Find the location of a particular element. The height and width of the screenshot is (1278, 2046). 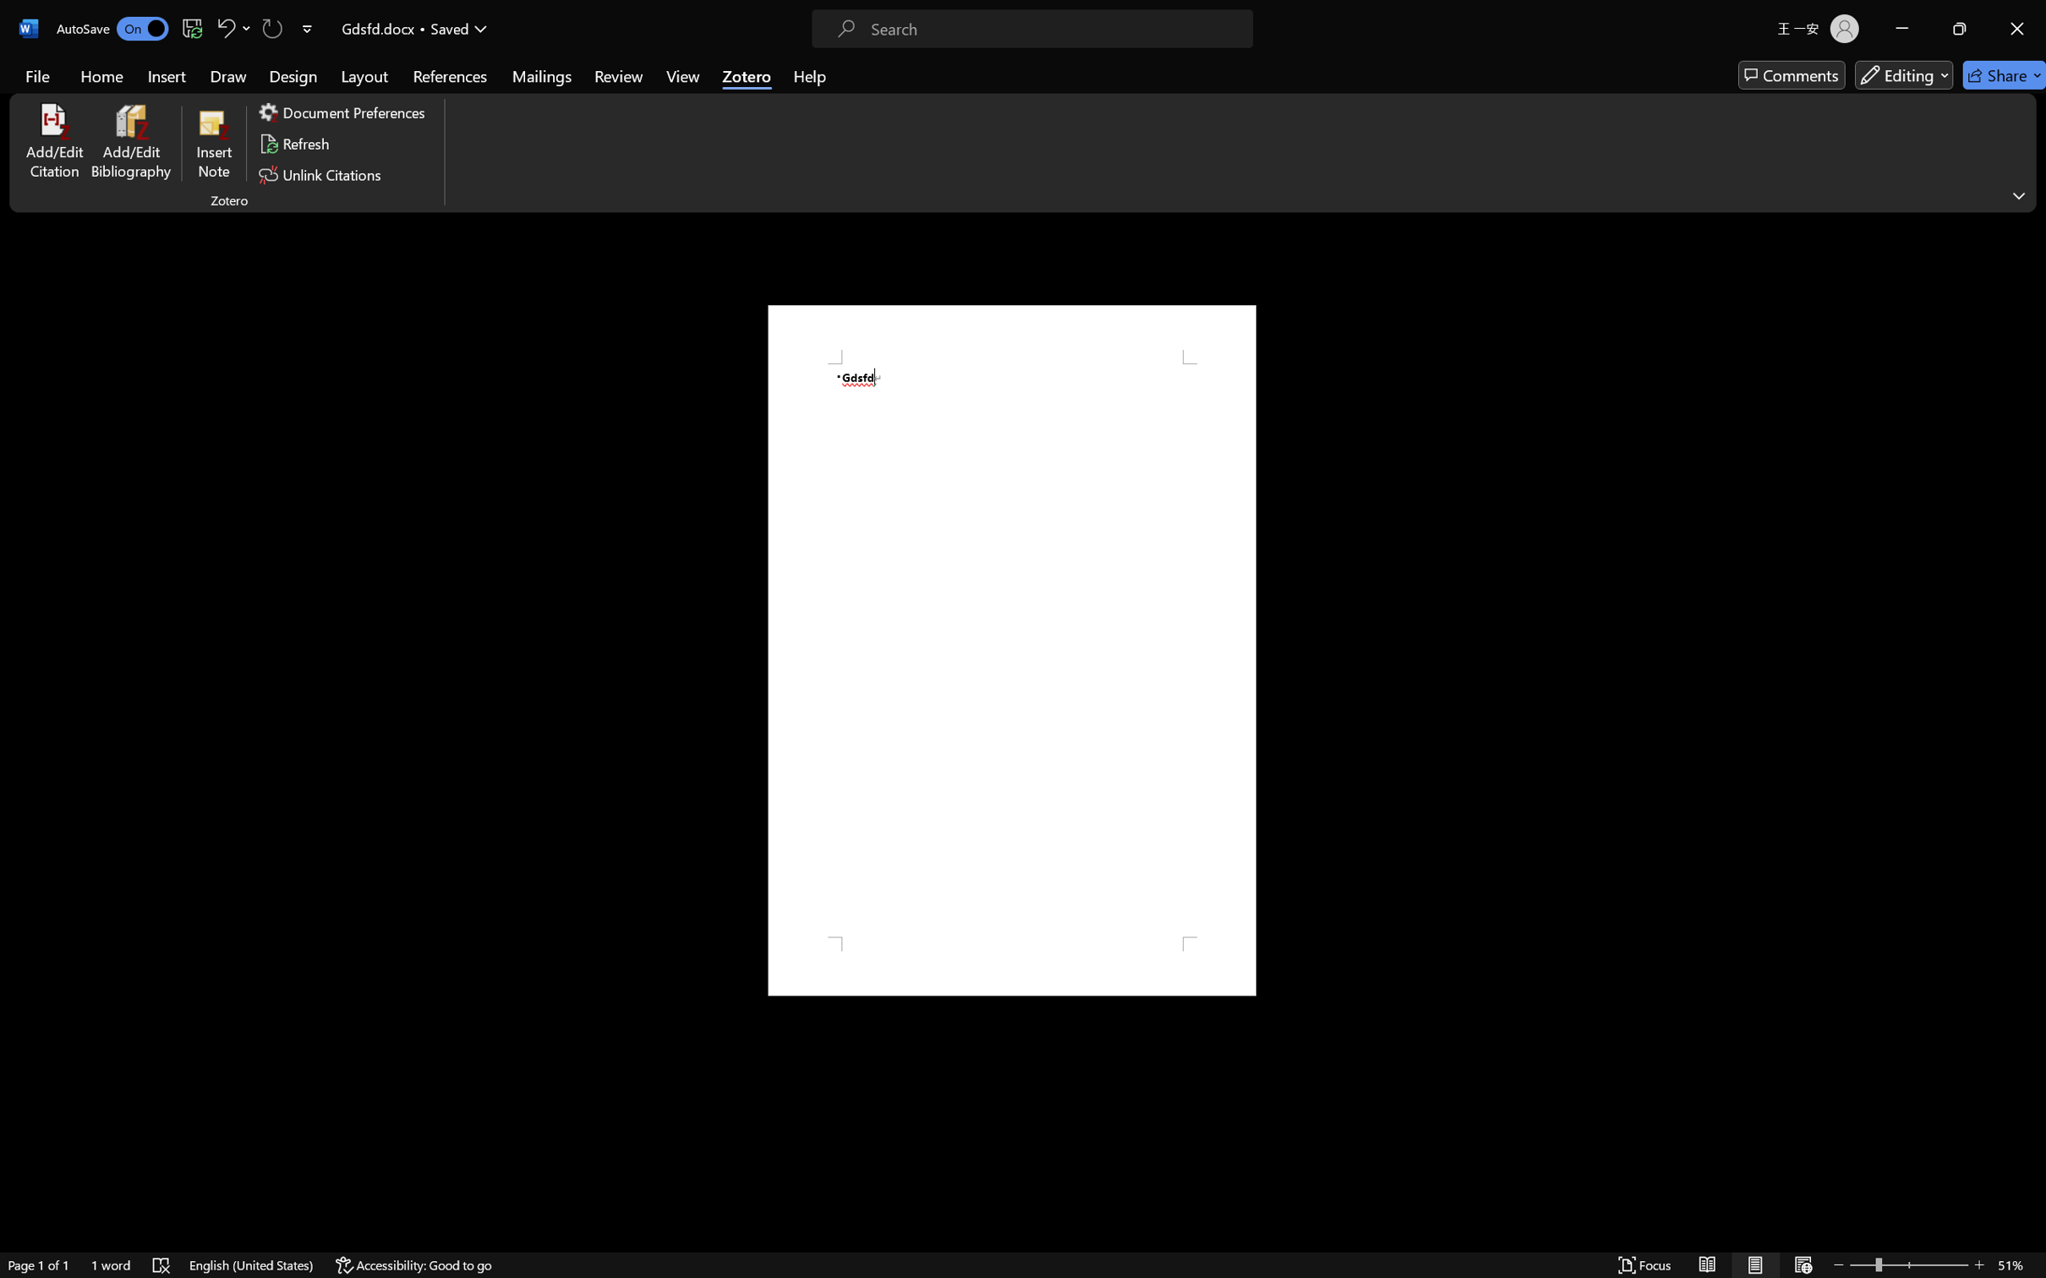

'Page 1 content' is located at coordinates (1011, 650).